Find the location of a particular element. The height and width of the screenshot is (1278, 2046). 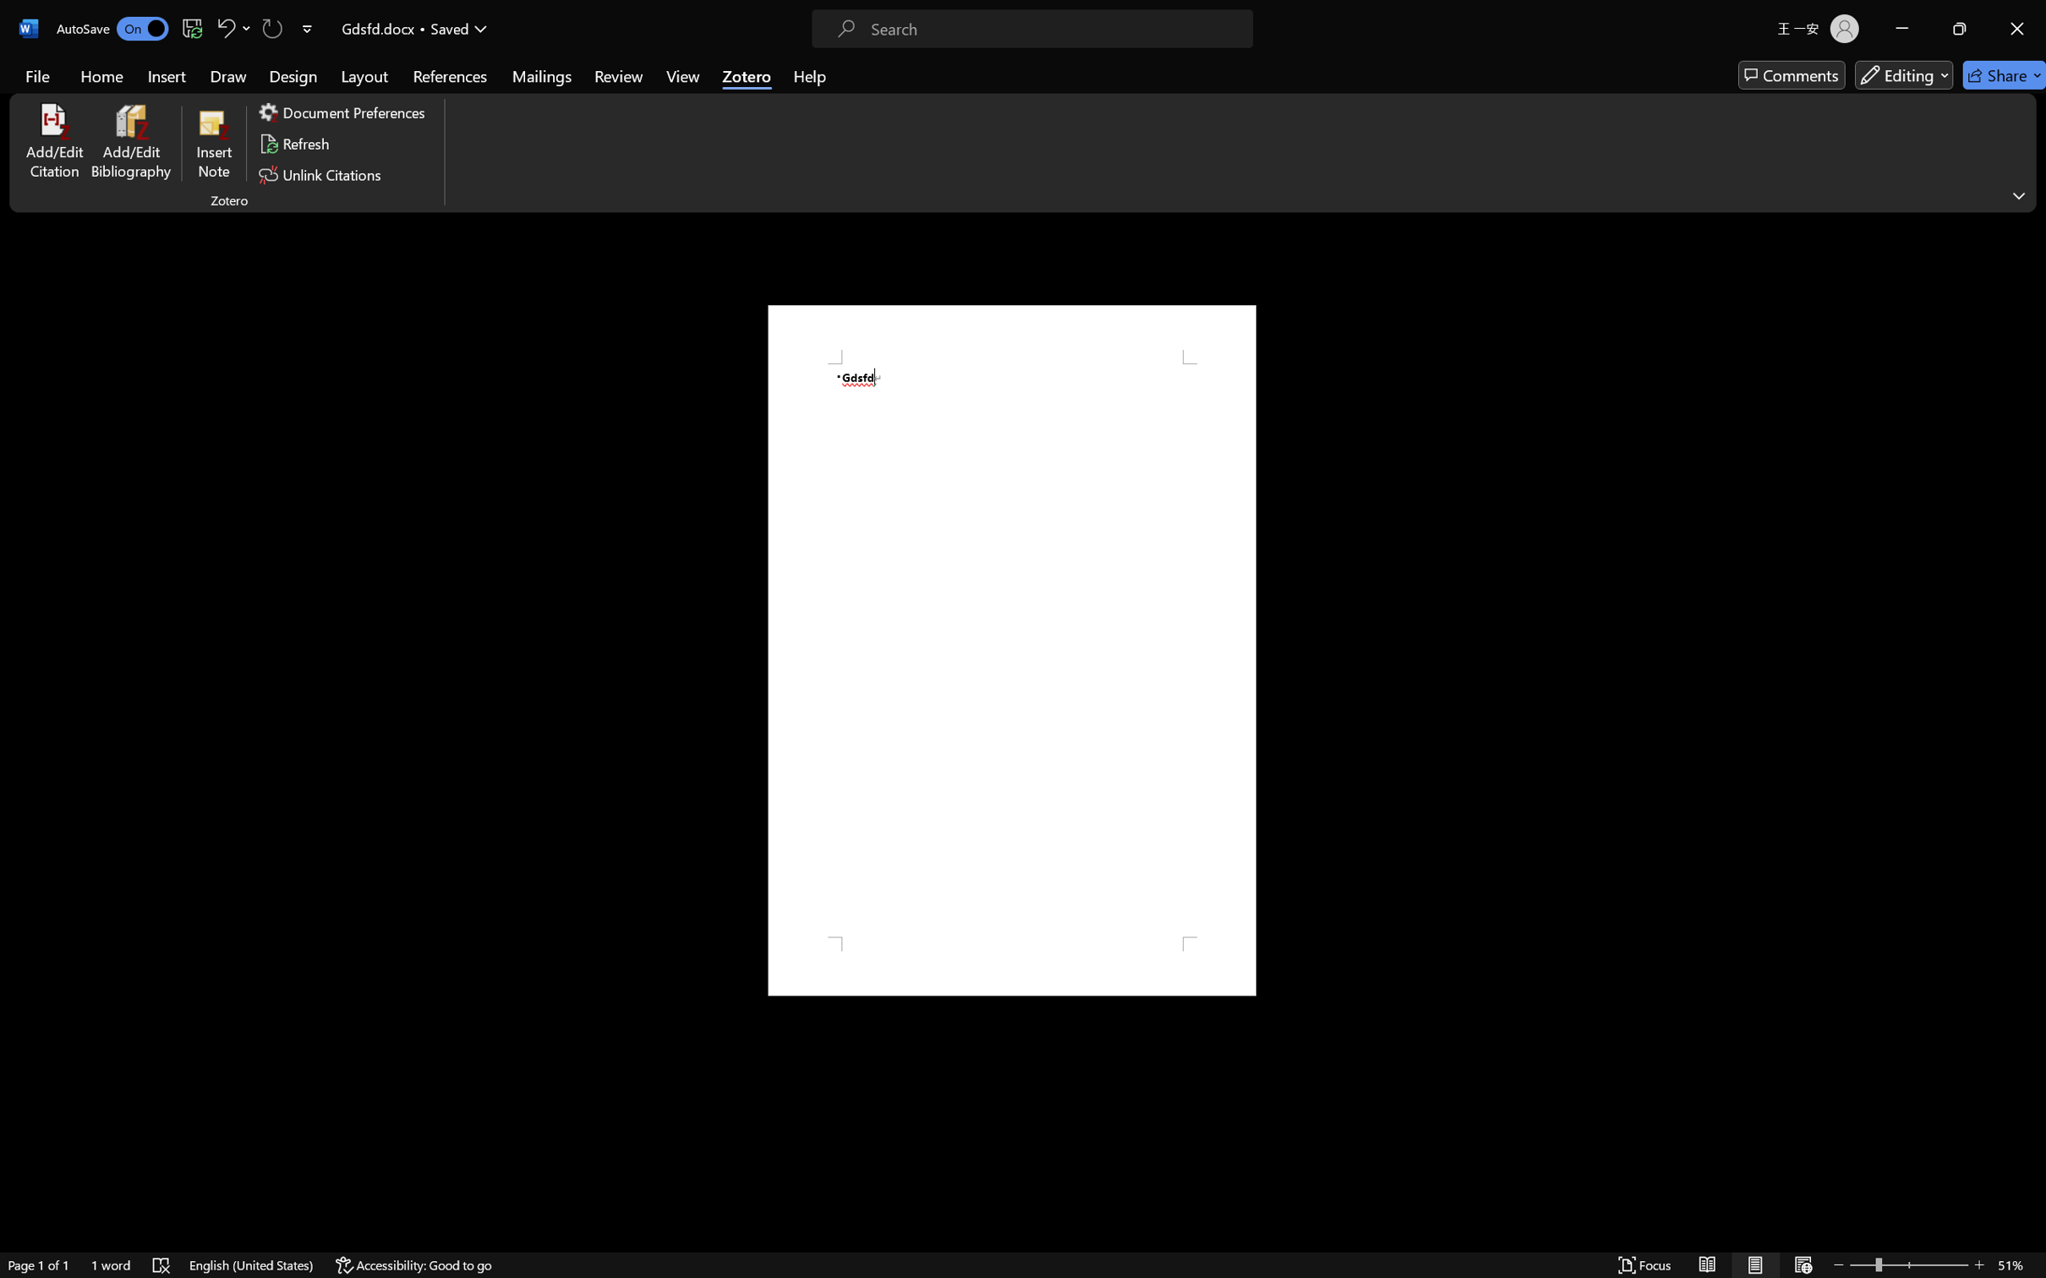

'Page 1 content' is located at coordinates (1011, 650).